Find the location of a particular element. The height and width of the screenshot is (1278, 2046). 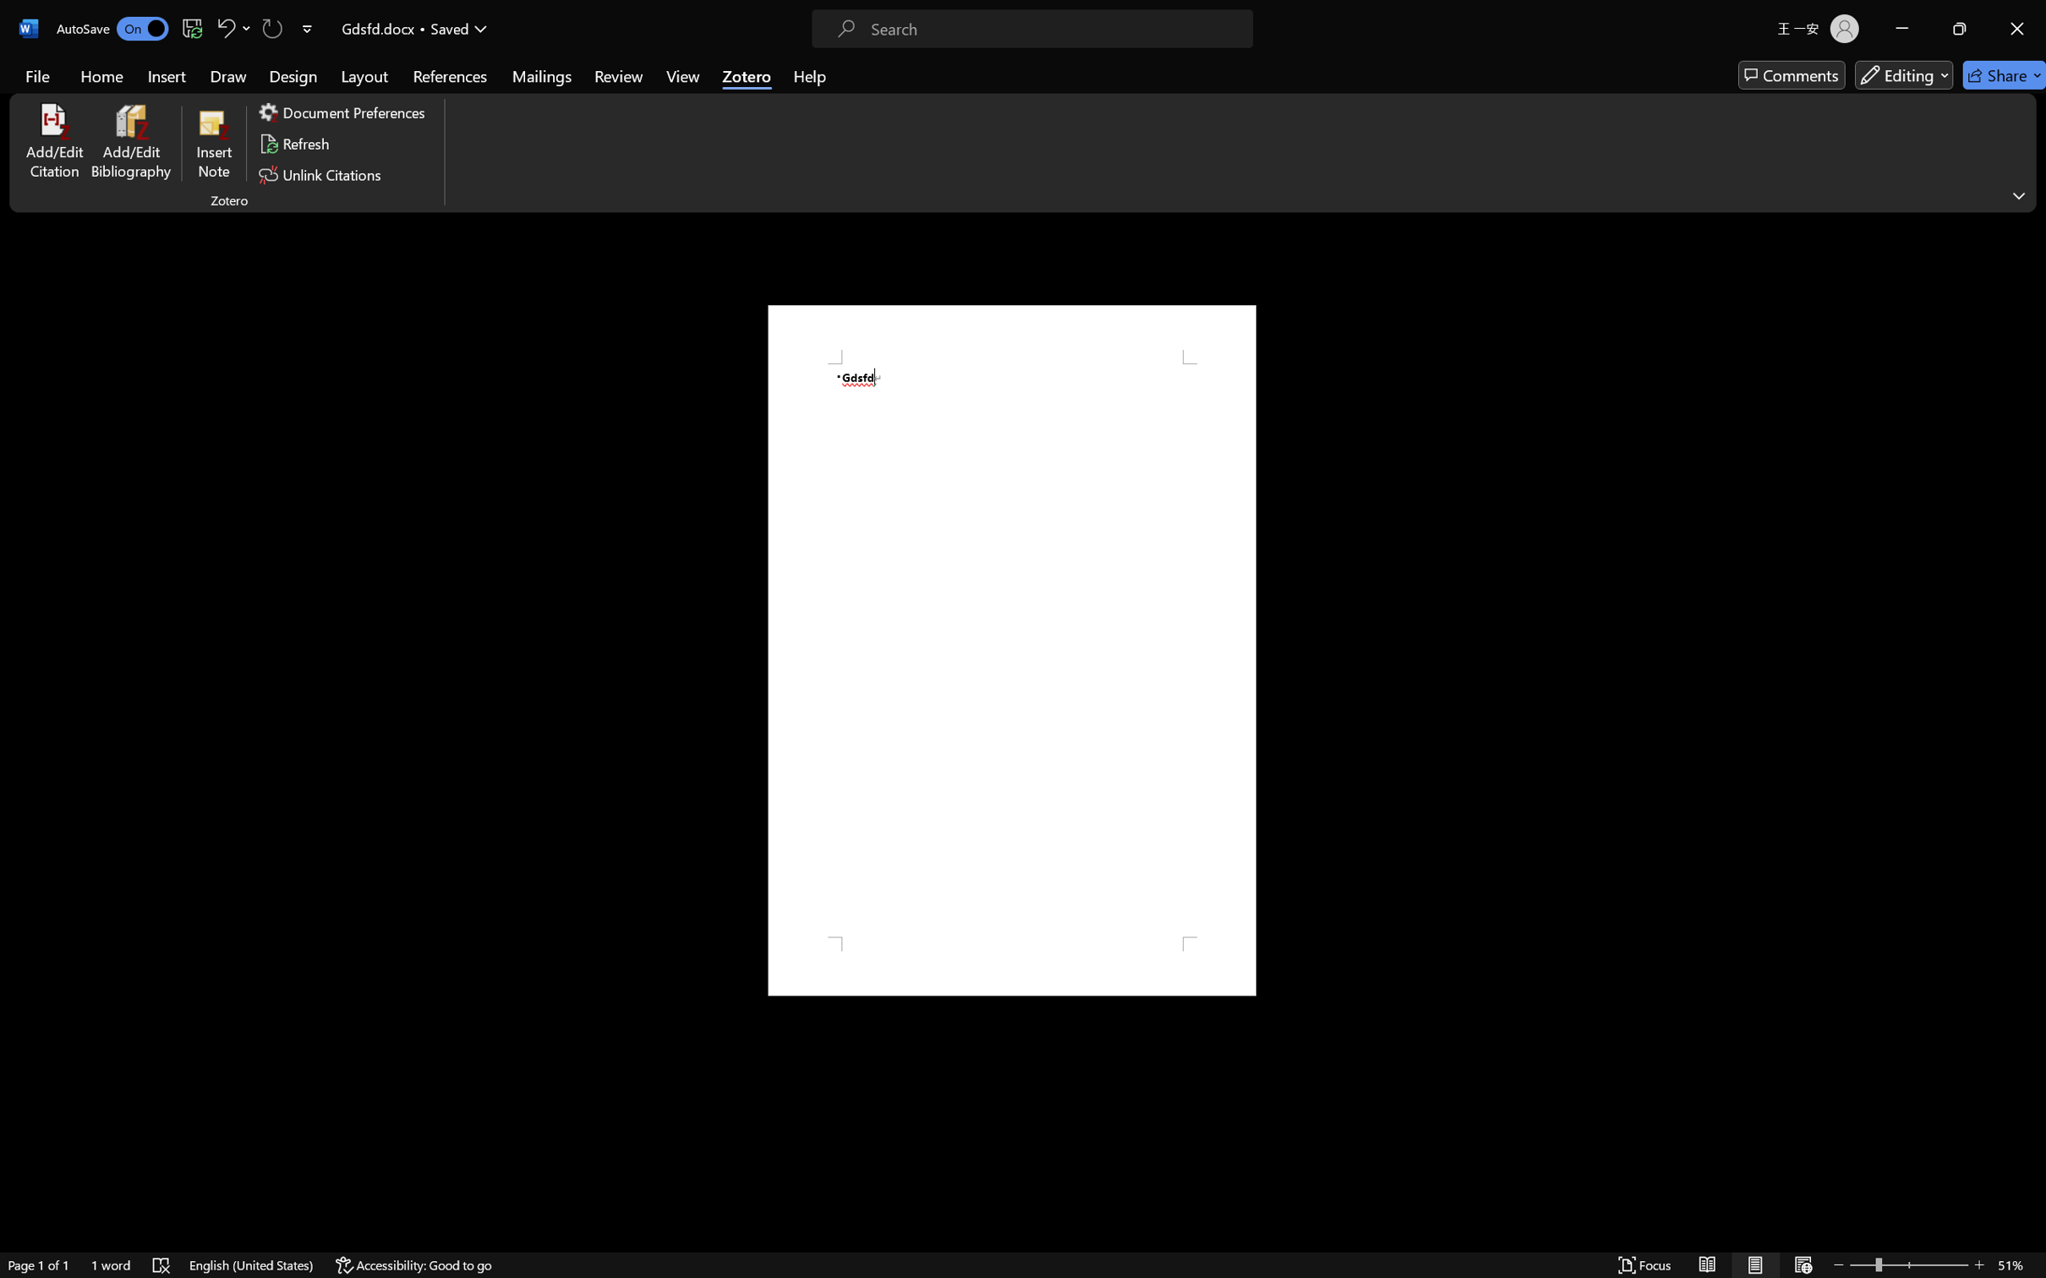

'Page 1 content' is located at coordinates (1011, 650).